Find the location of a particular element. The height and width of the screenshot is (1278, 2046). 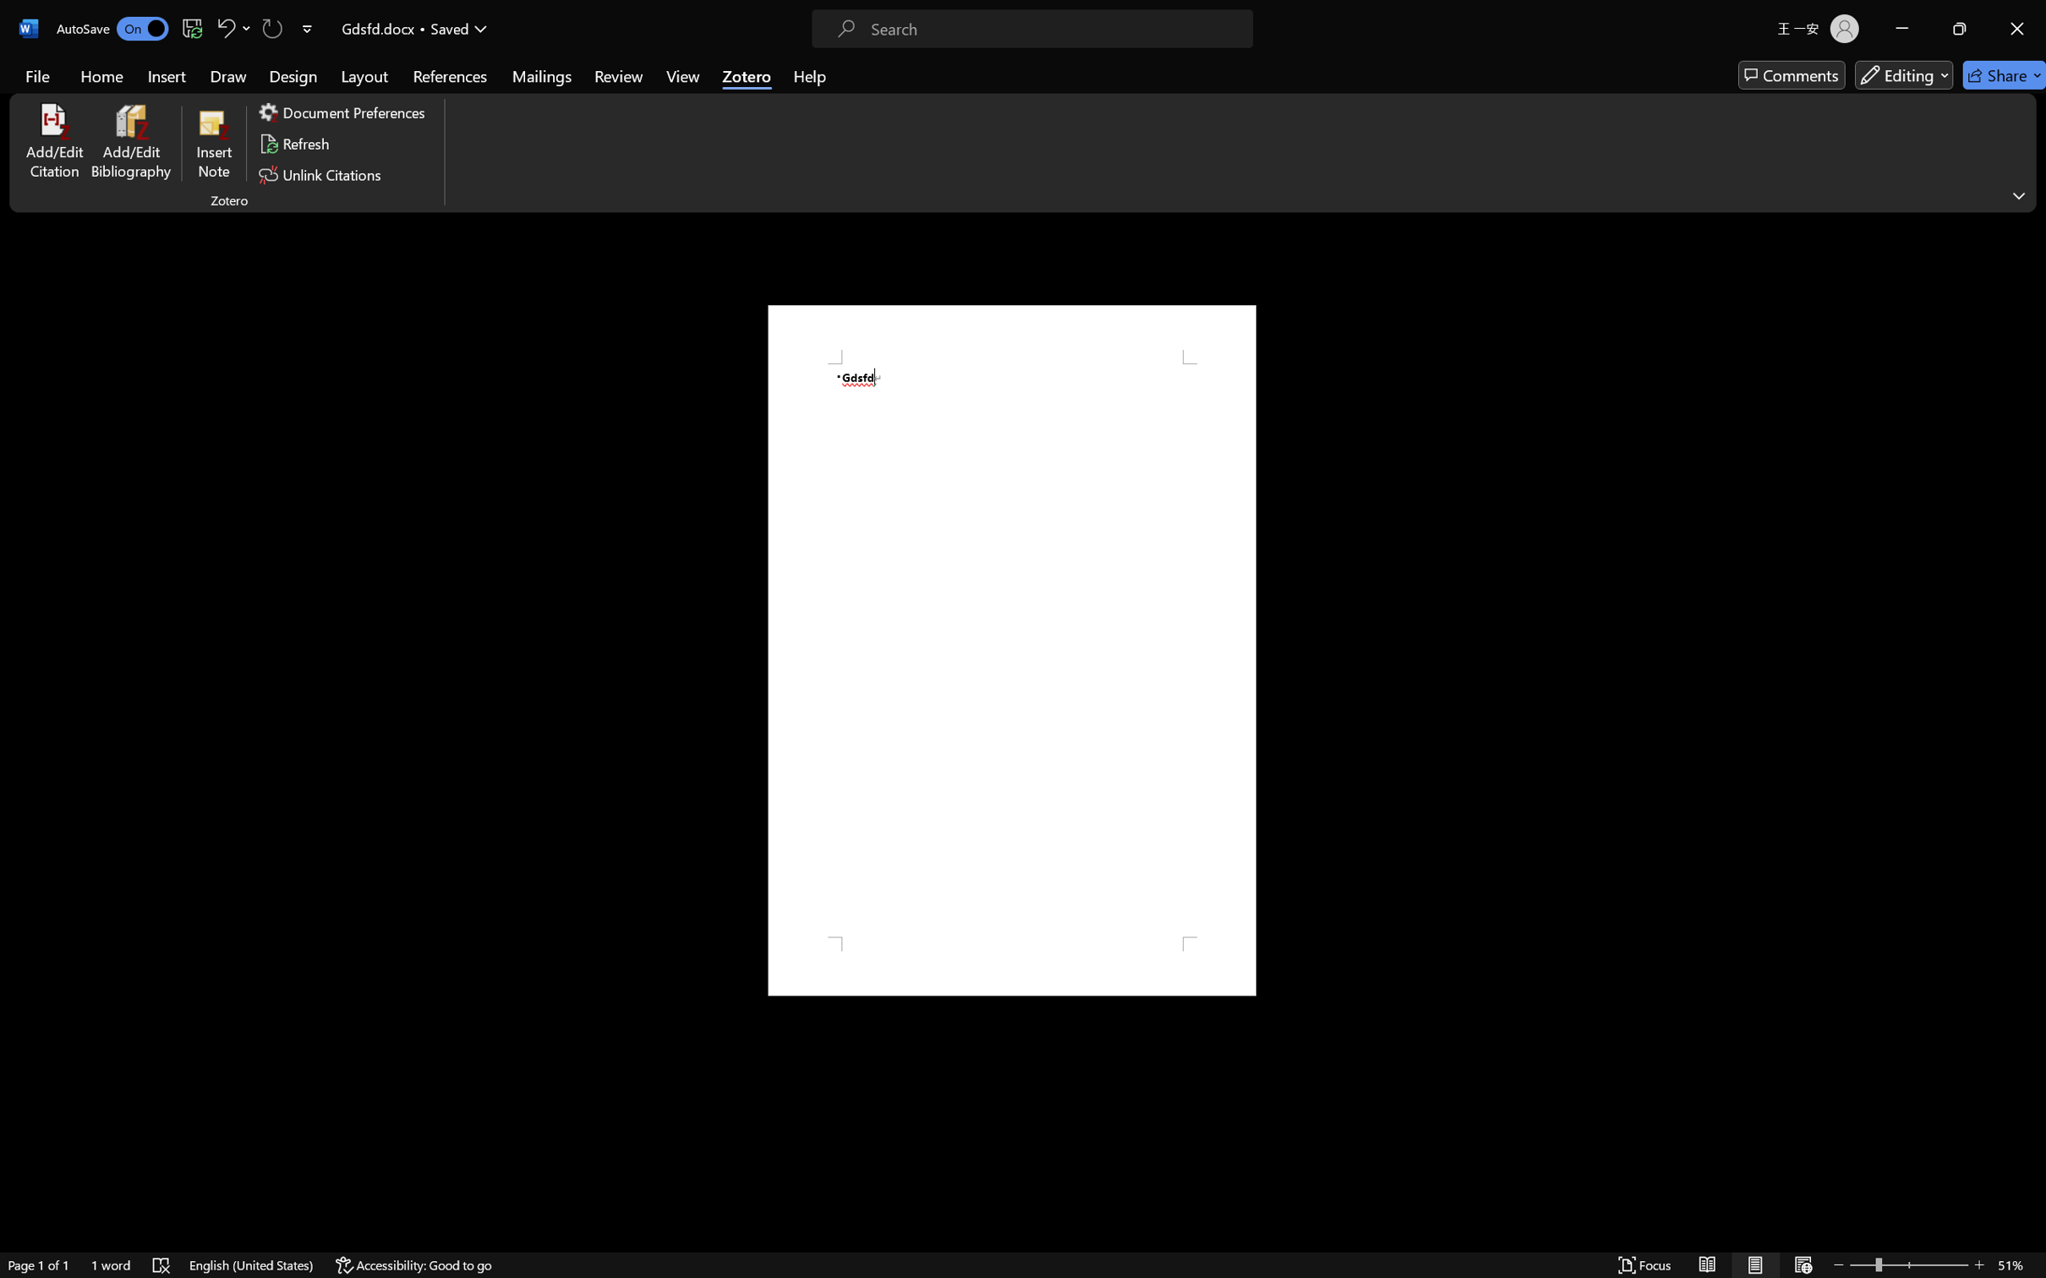

'Page 1 content' is located at coordinates (1011, 650).